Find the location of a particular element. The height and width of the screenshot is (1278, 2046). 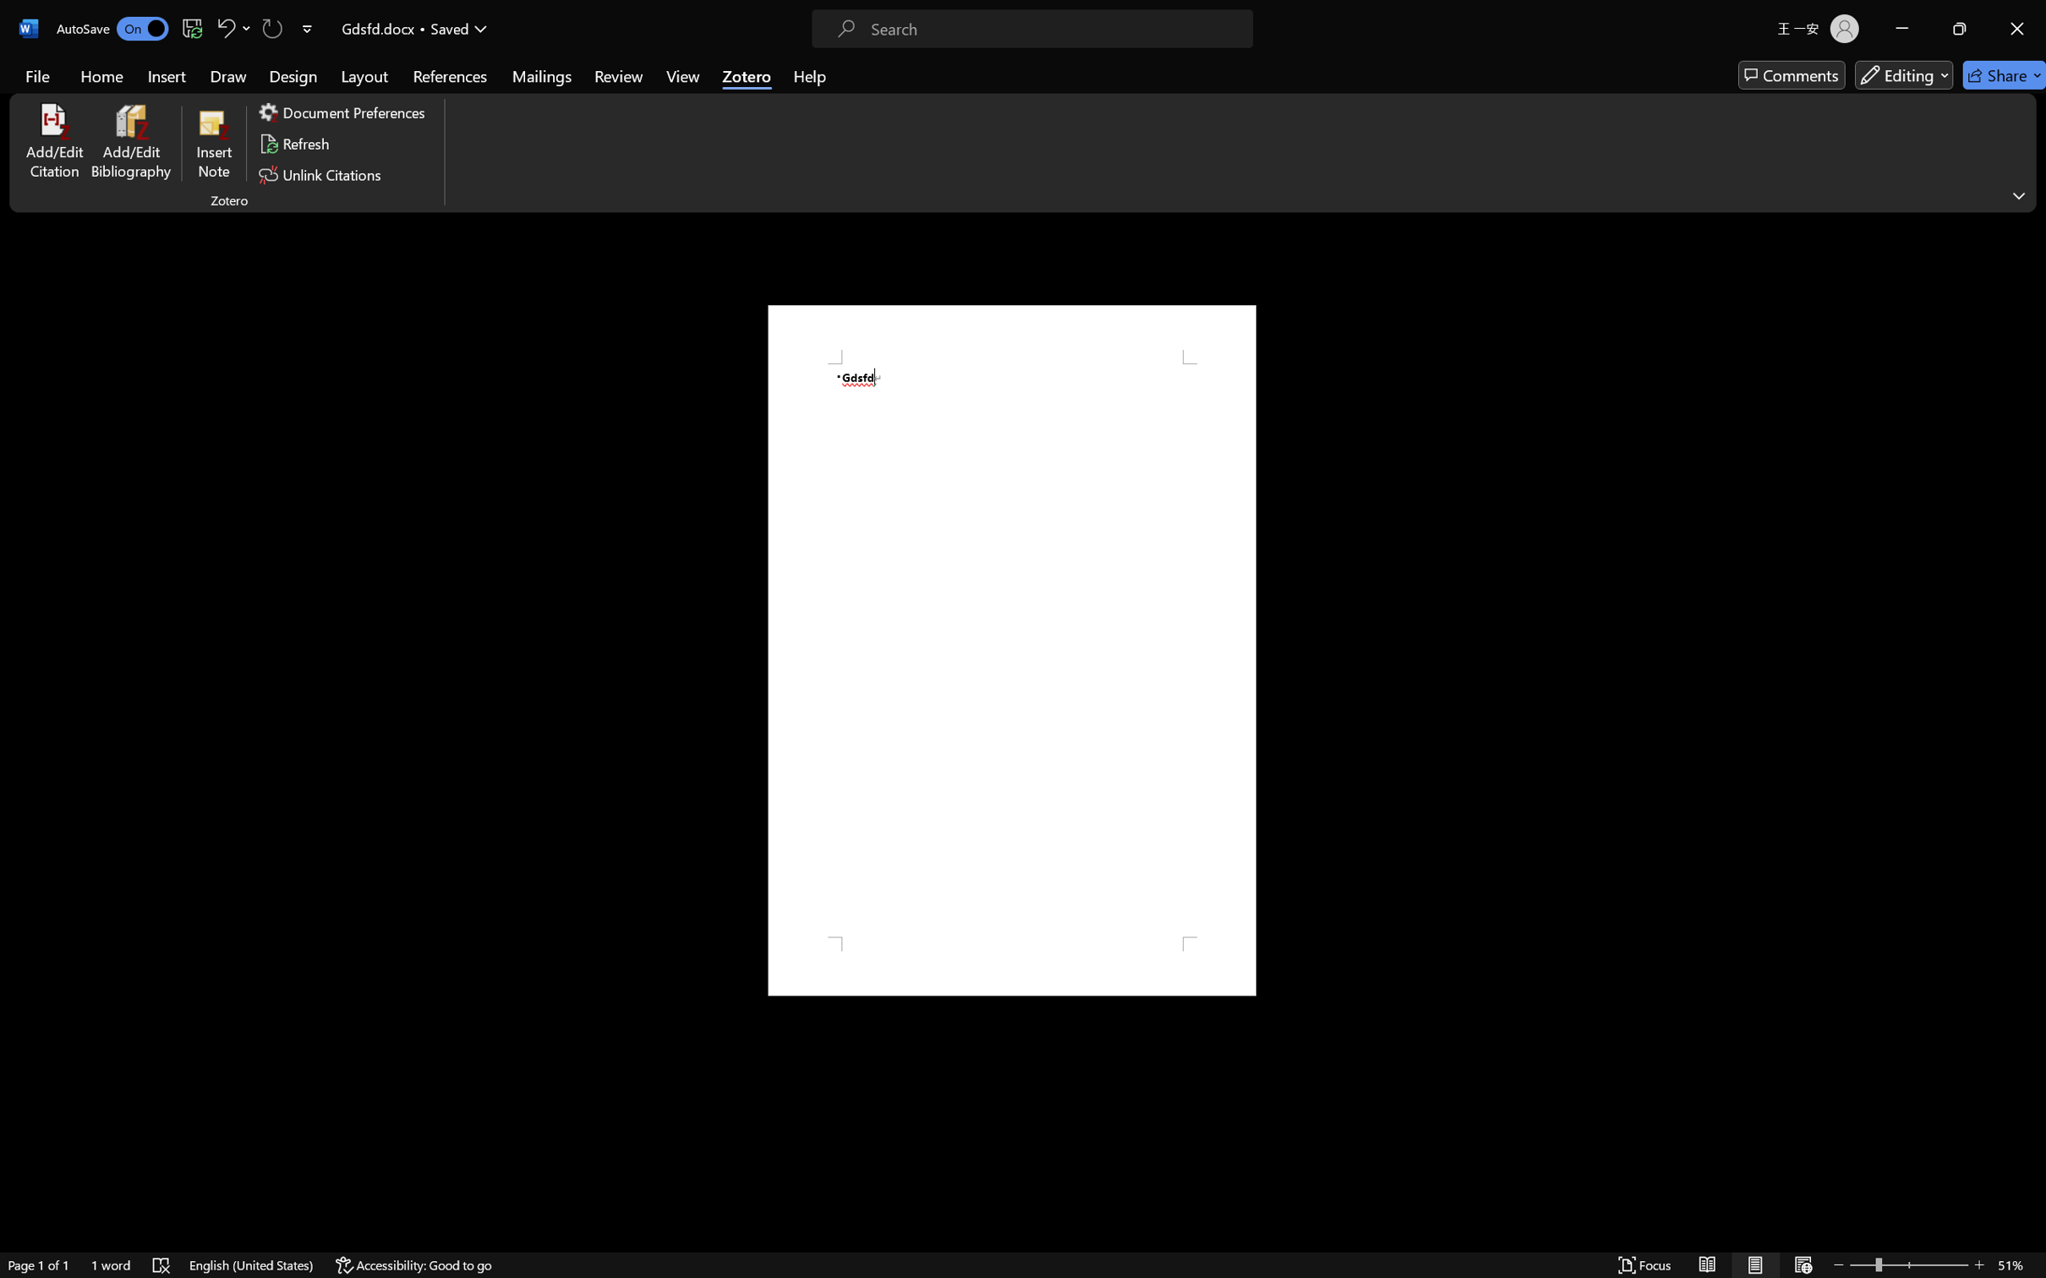

'Page 1 content' is located at coordinates (1011, 650).